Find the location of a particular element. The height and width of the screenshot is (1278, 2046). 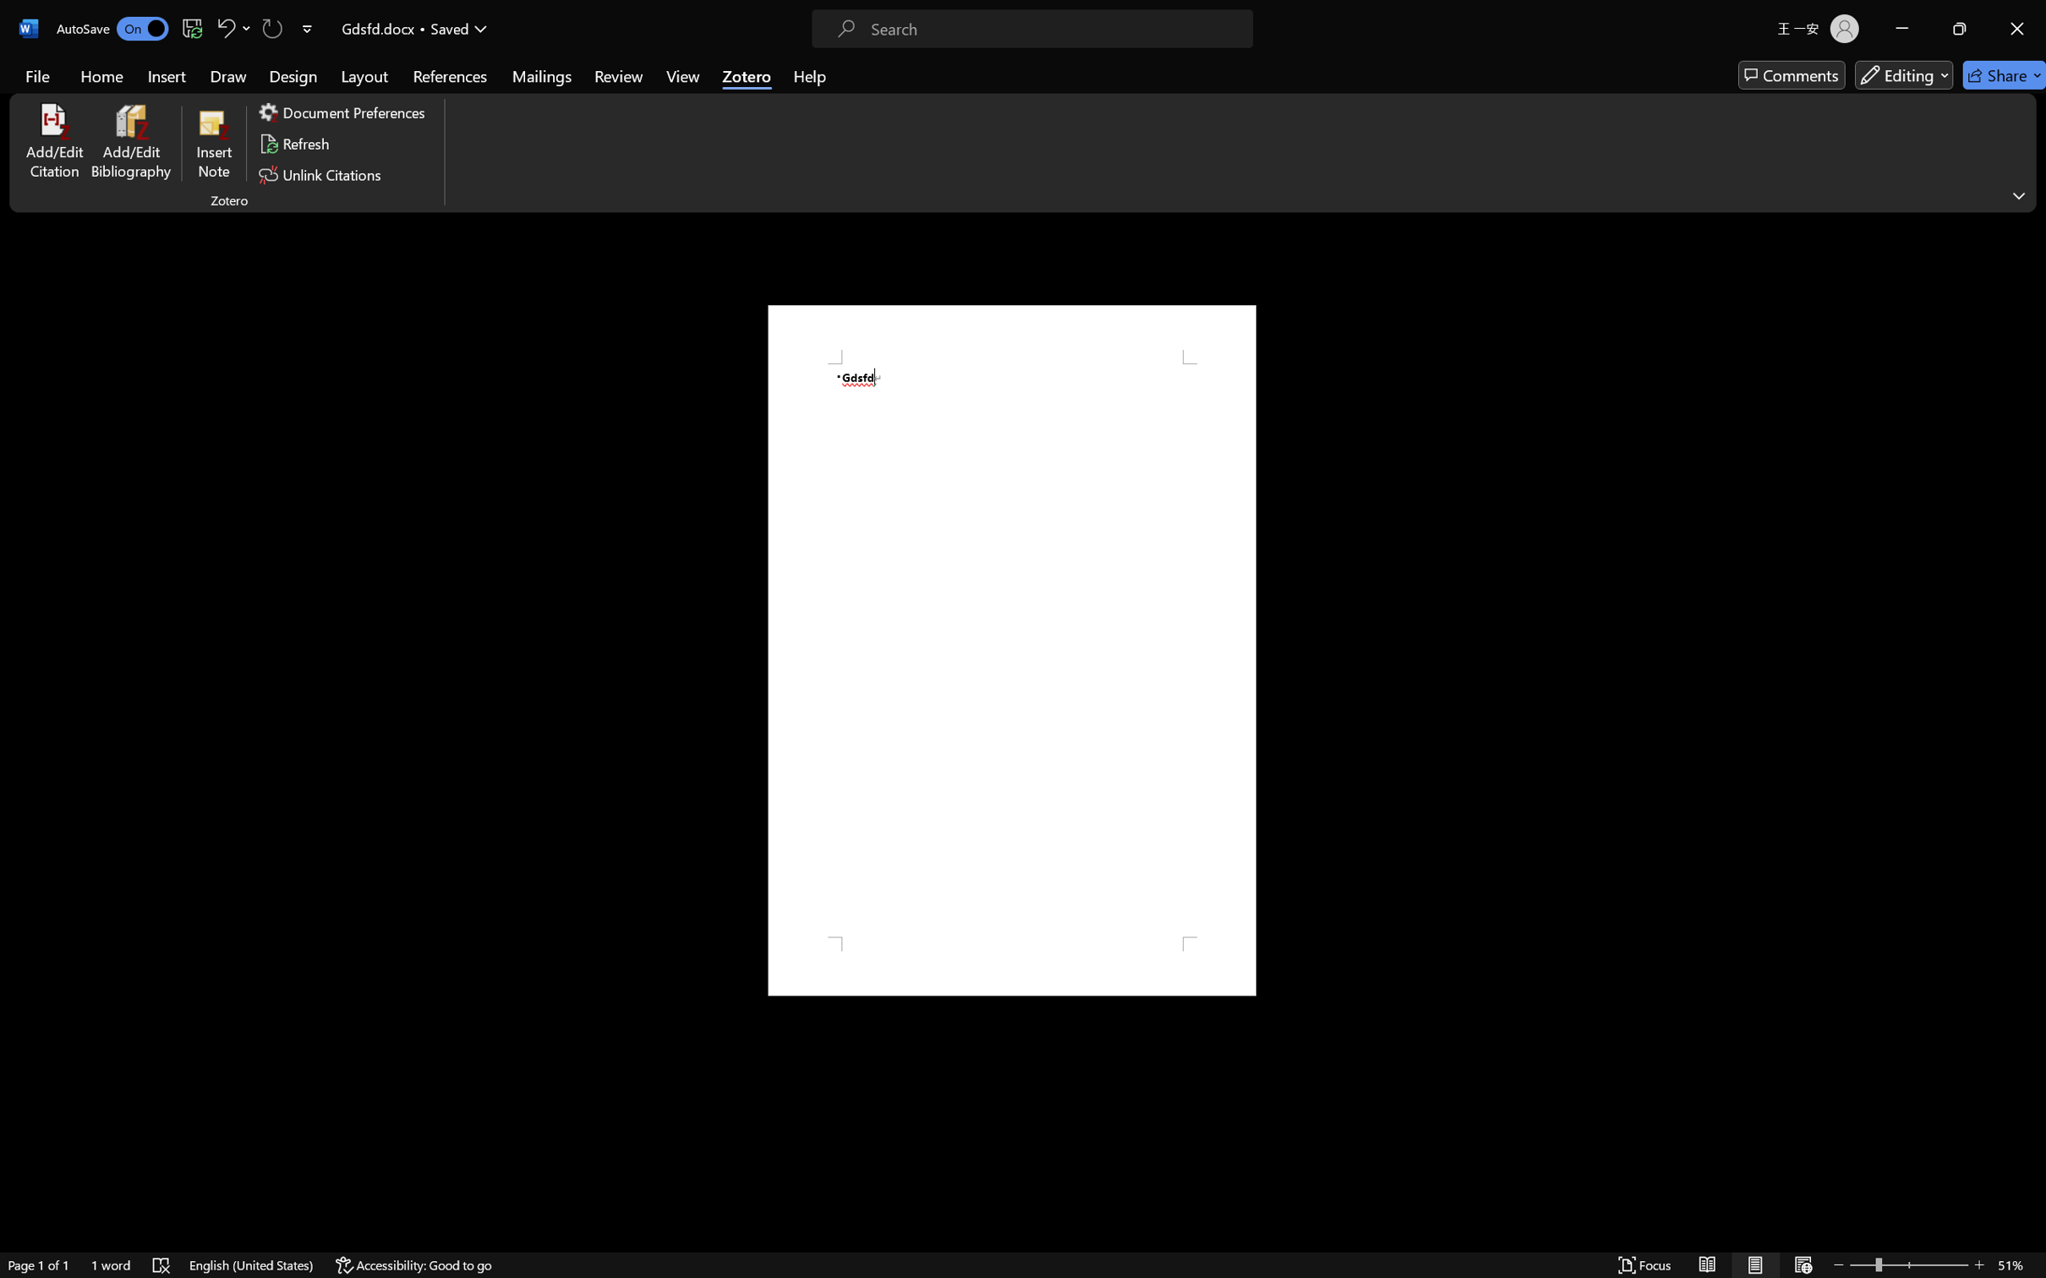

'Page 1 content' is located at coordinates (1011, 650).